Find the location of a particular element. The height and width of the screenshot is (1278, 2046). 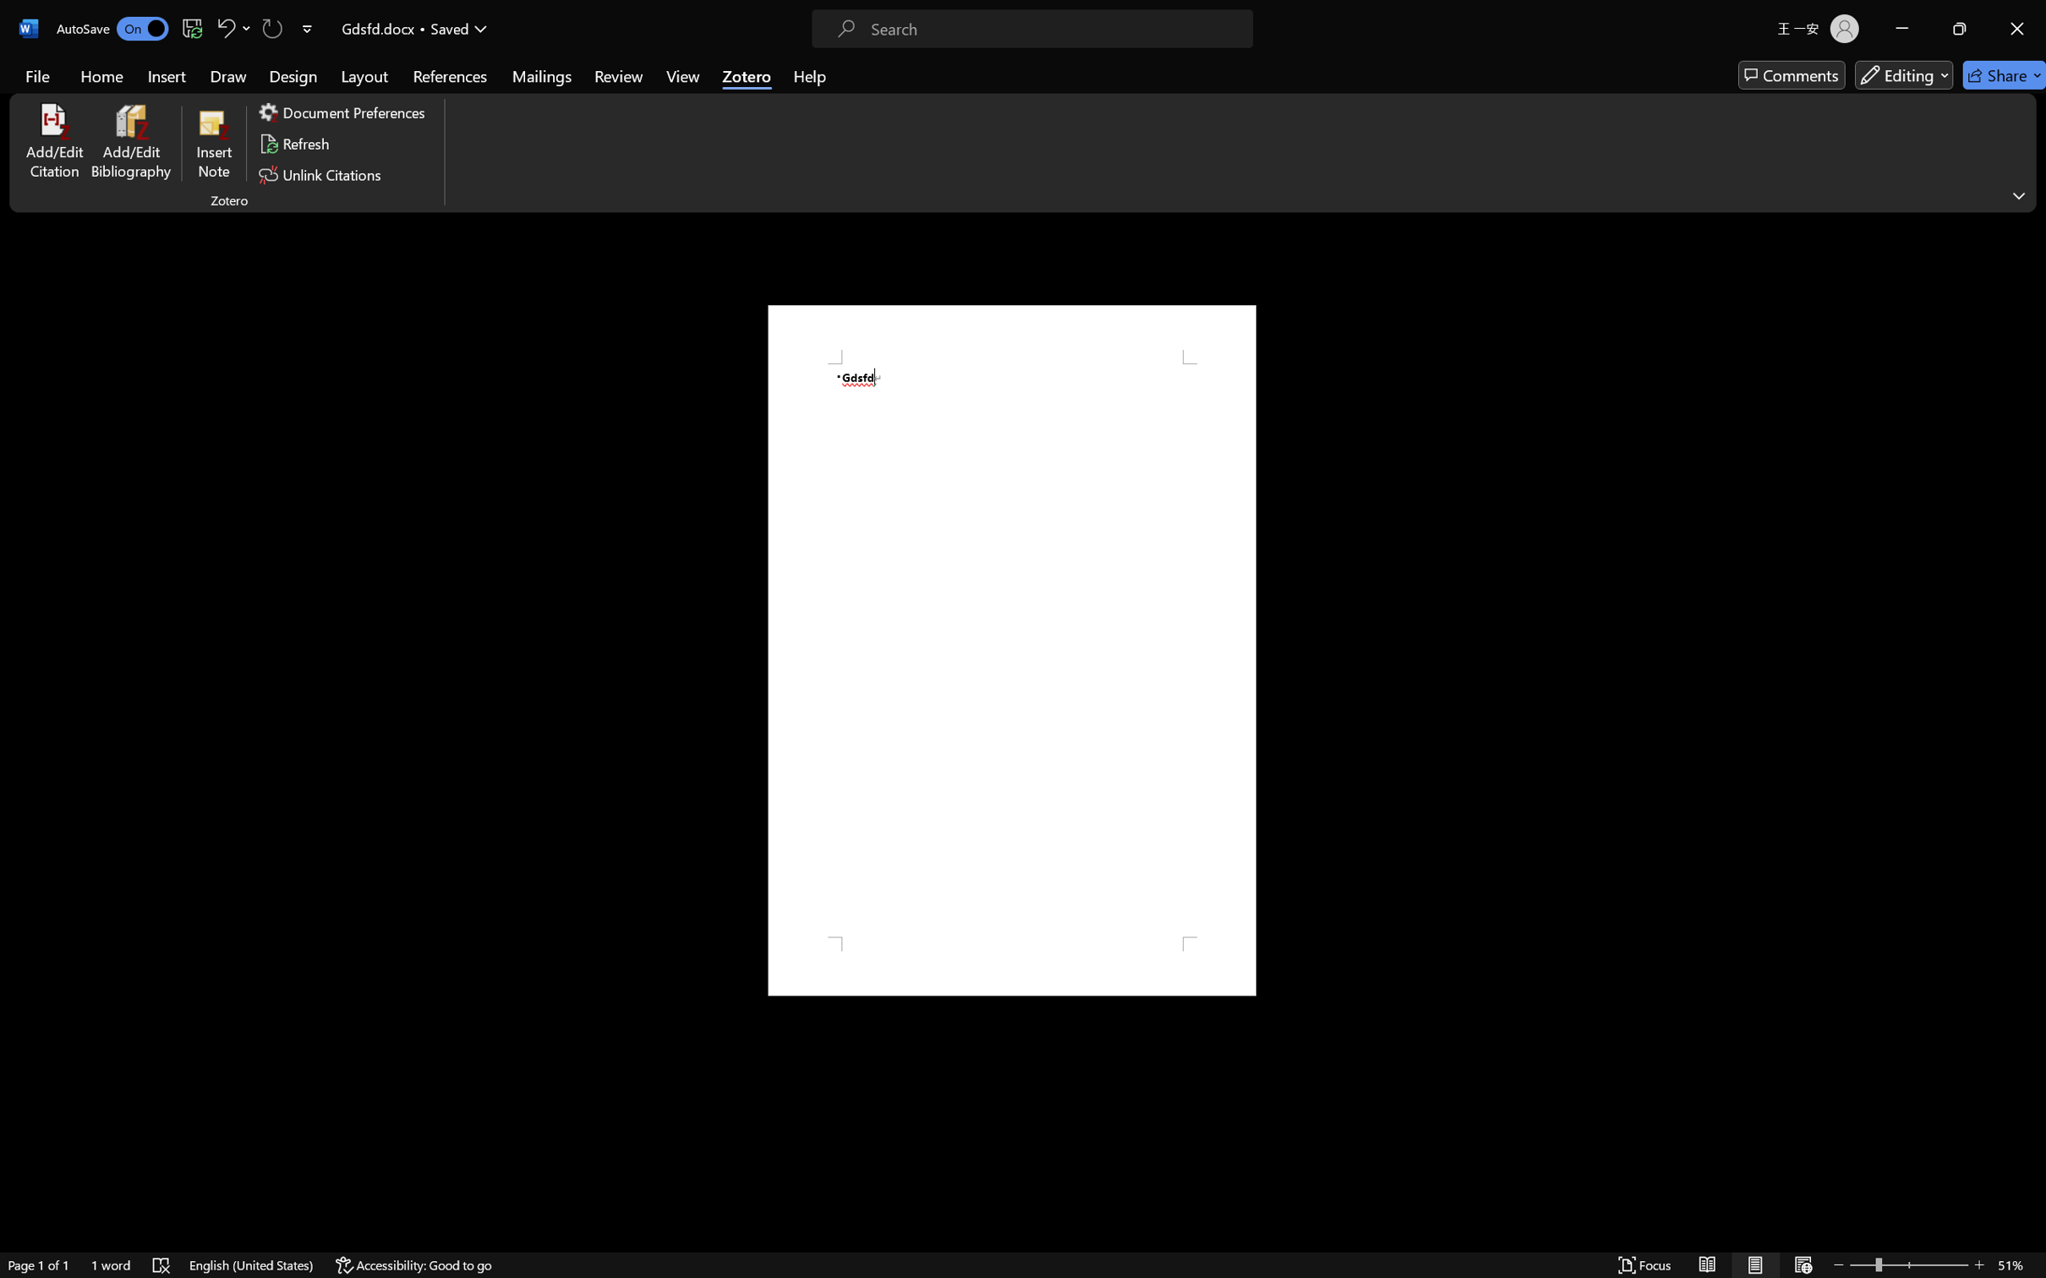

'Page 1 content' is located at coordinates (1011, 650).